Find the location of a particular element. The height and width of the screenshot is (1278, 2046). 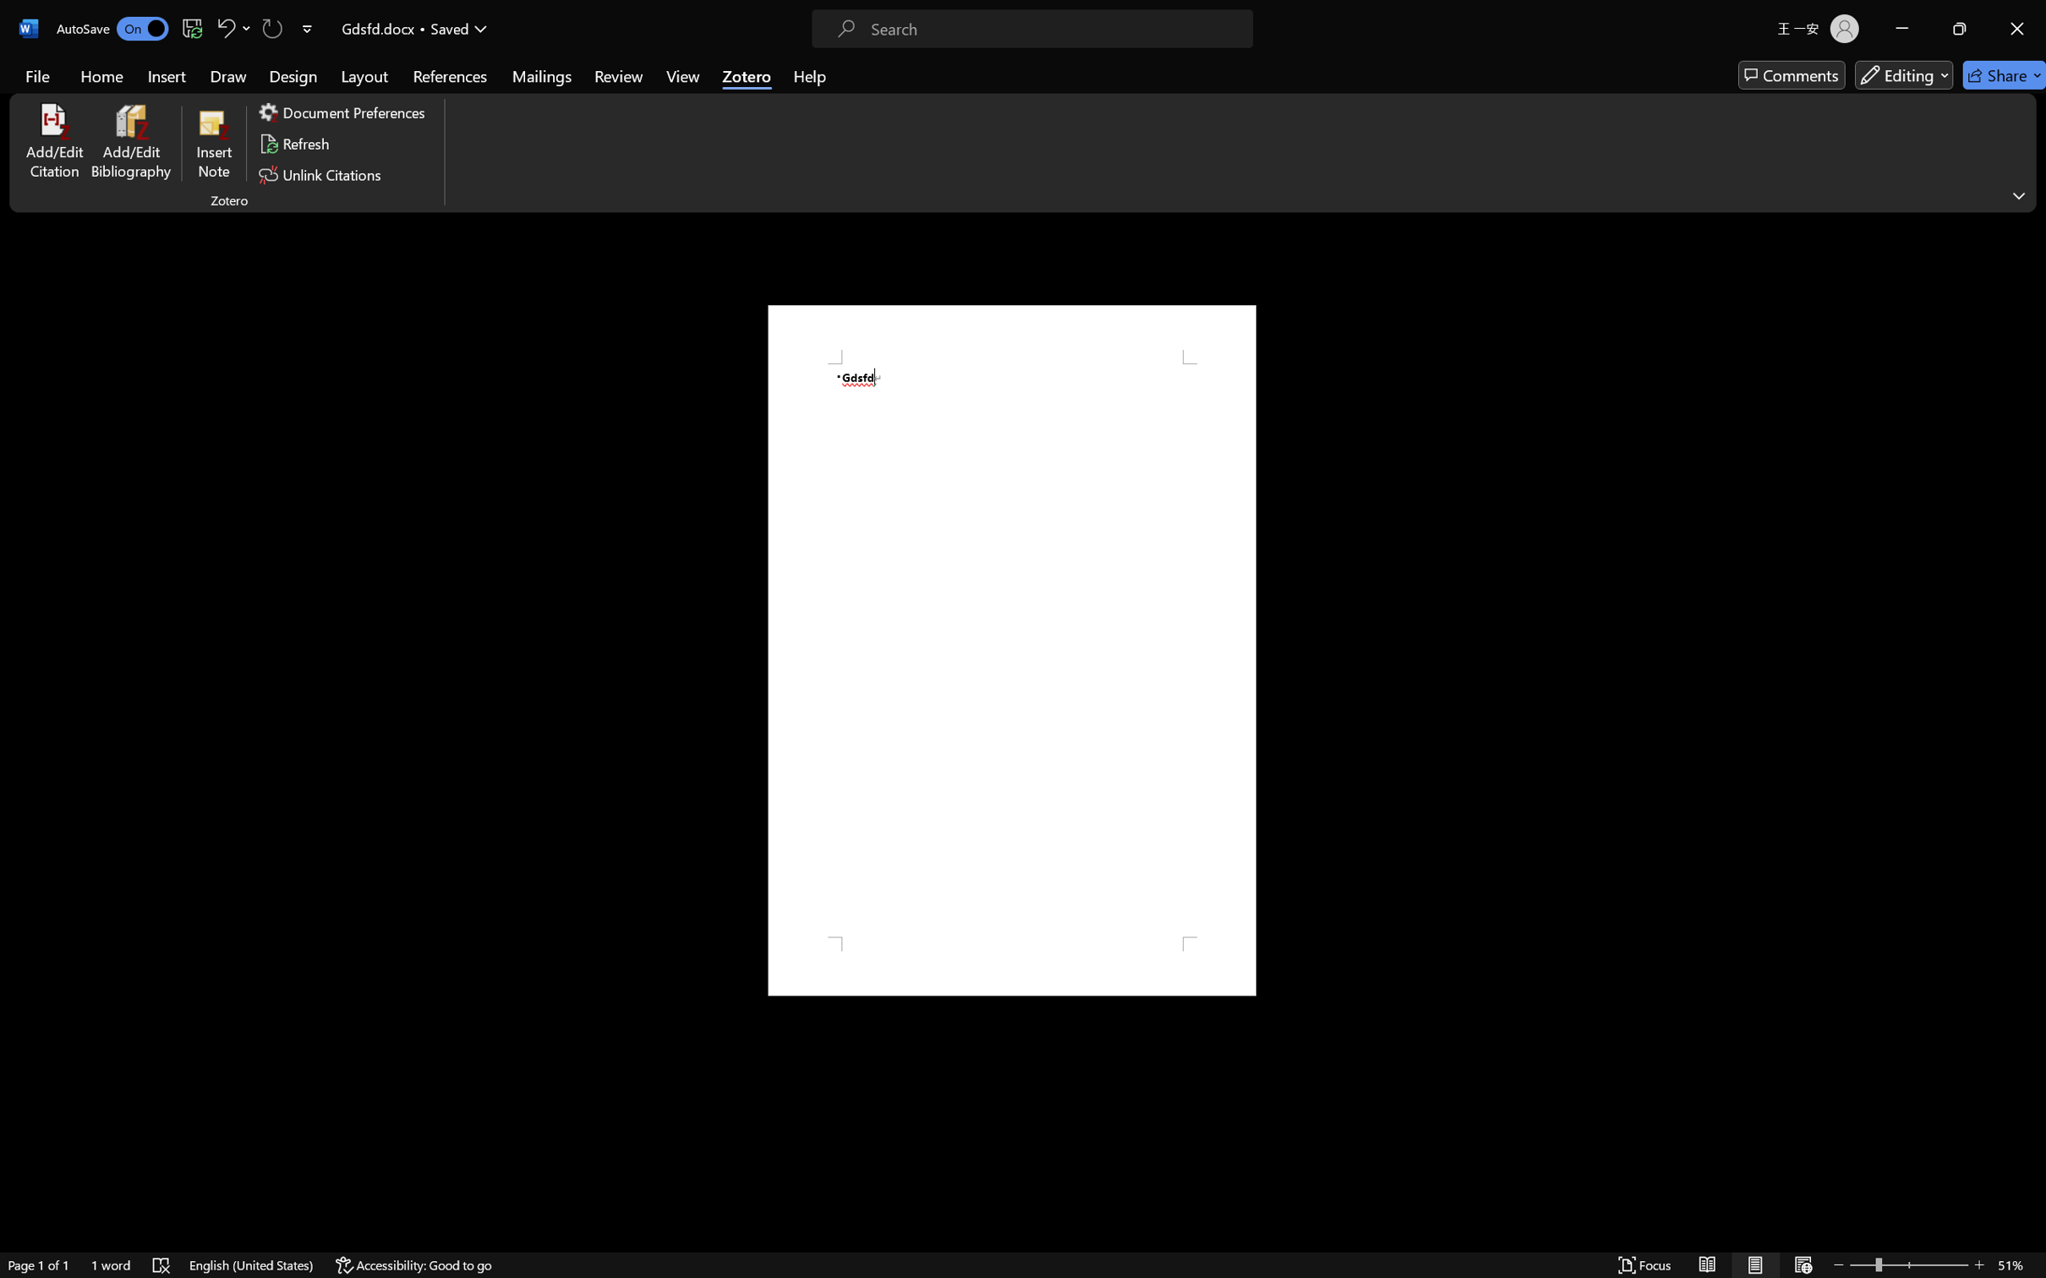

'Page 1 content' is located at coordinates (1011, 650).